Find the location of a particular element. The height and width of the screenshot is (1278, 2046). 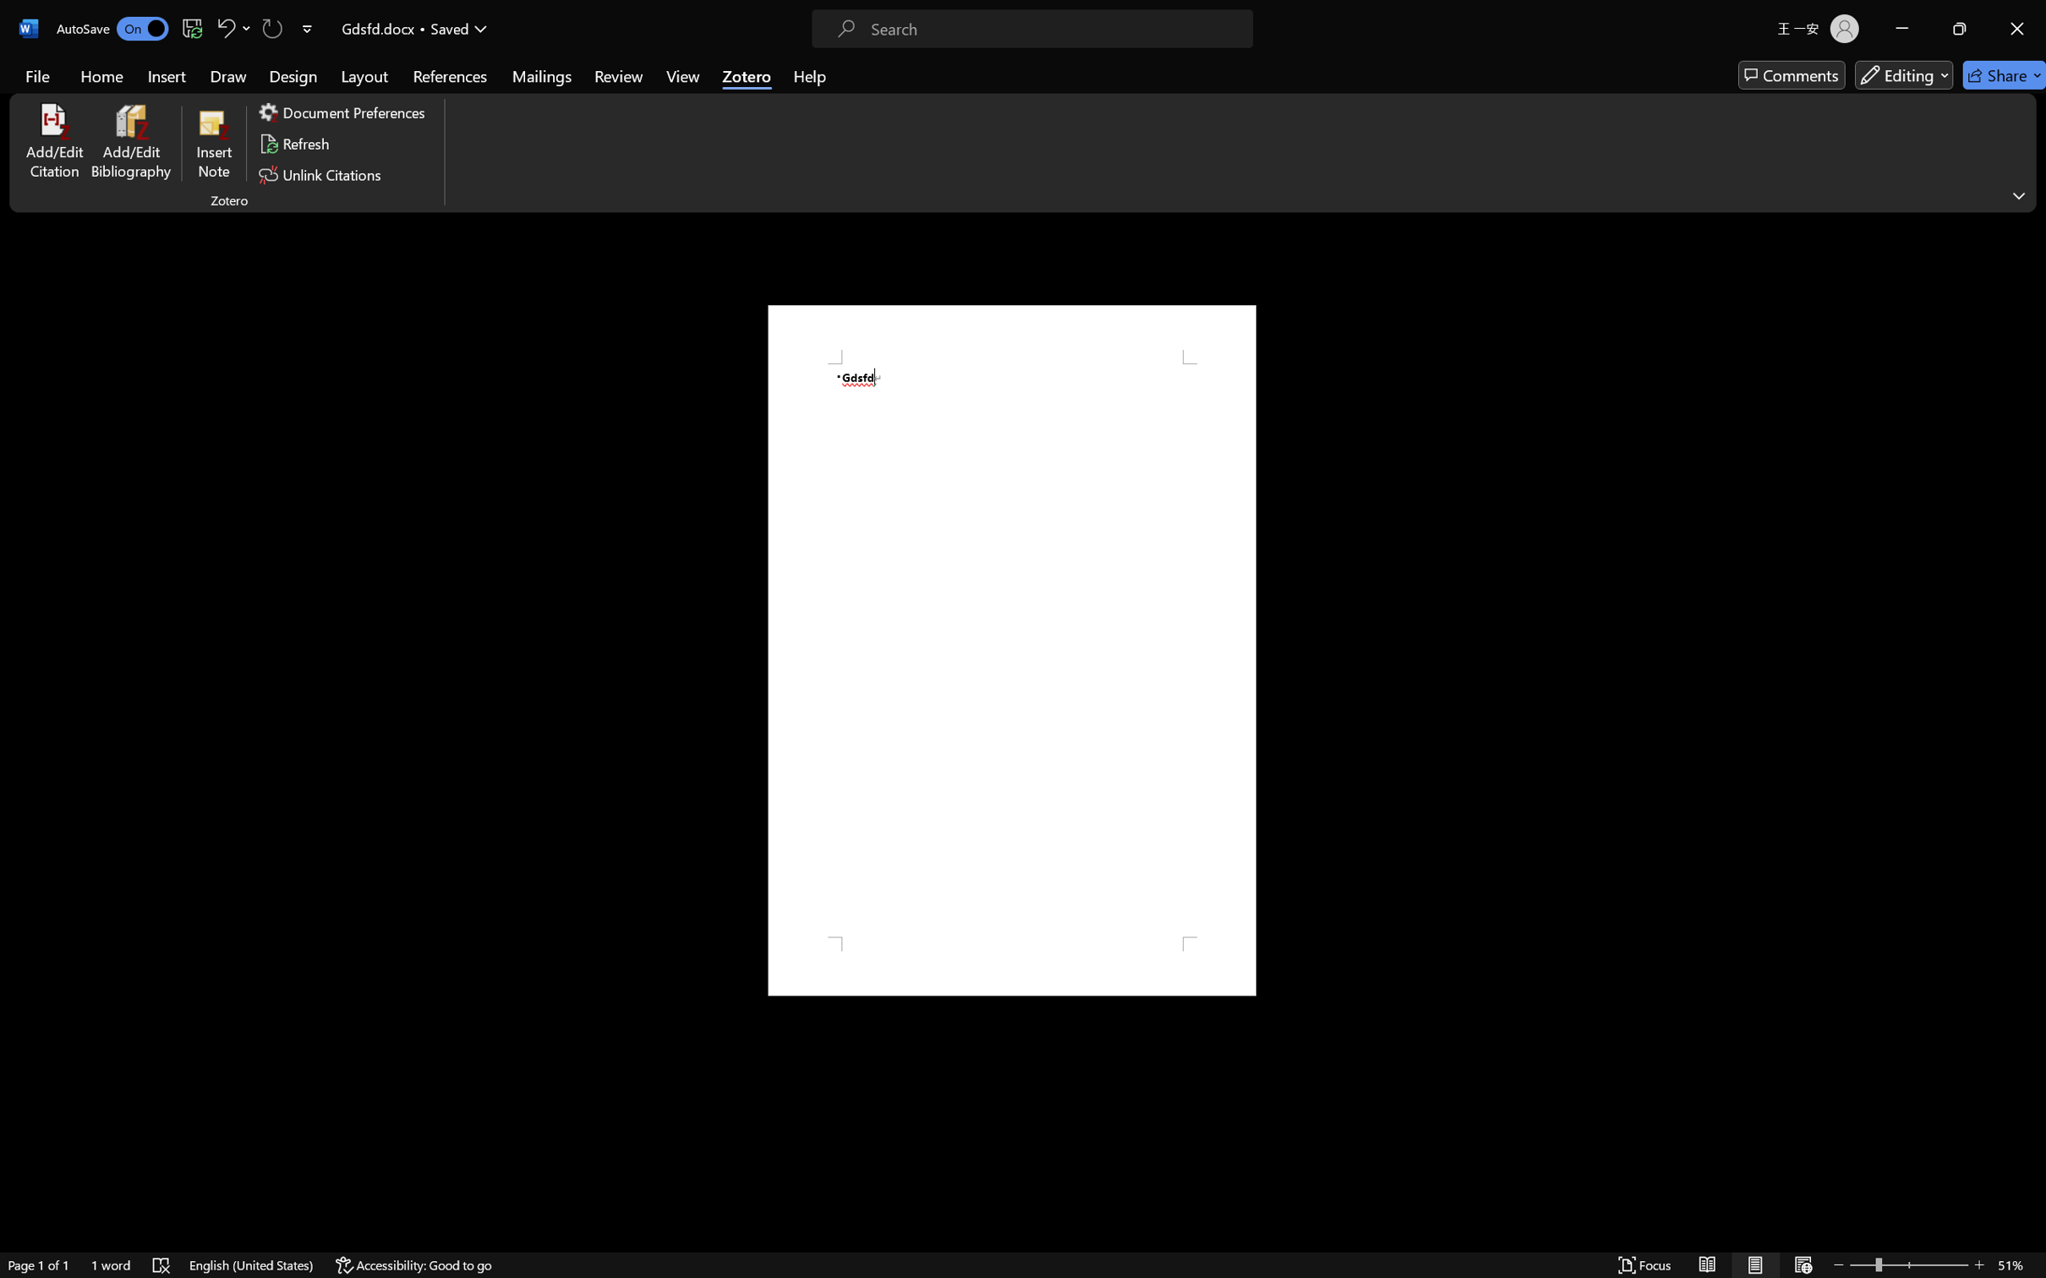

'Page 1 content' is located at coordinates (1011, 650).